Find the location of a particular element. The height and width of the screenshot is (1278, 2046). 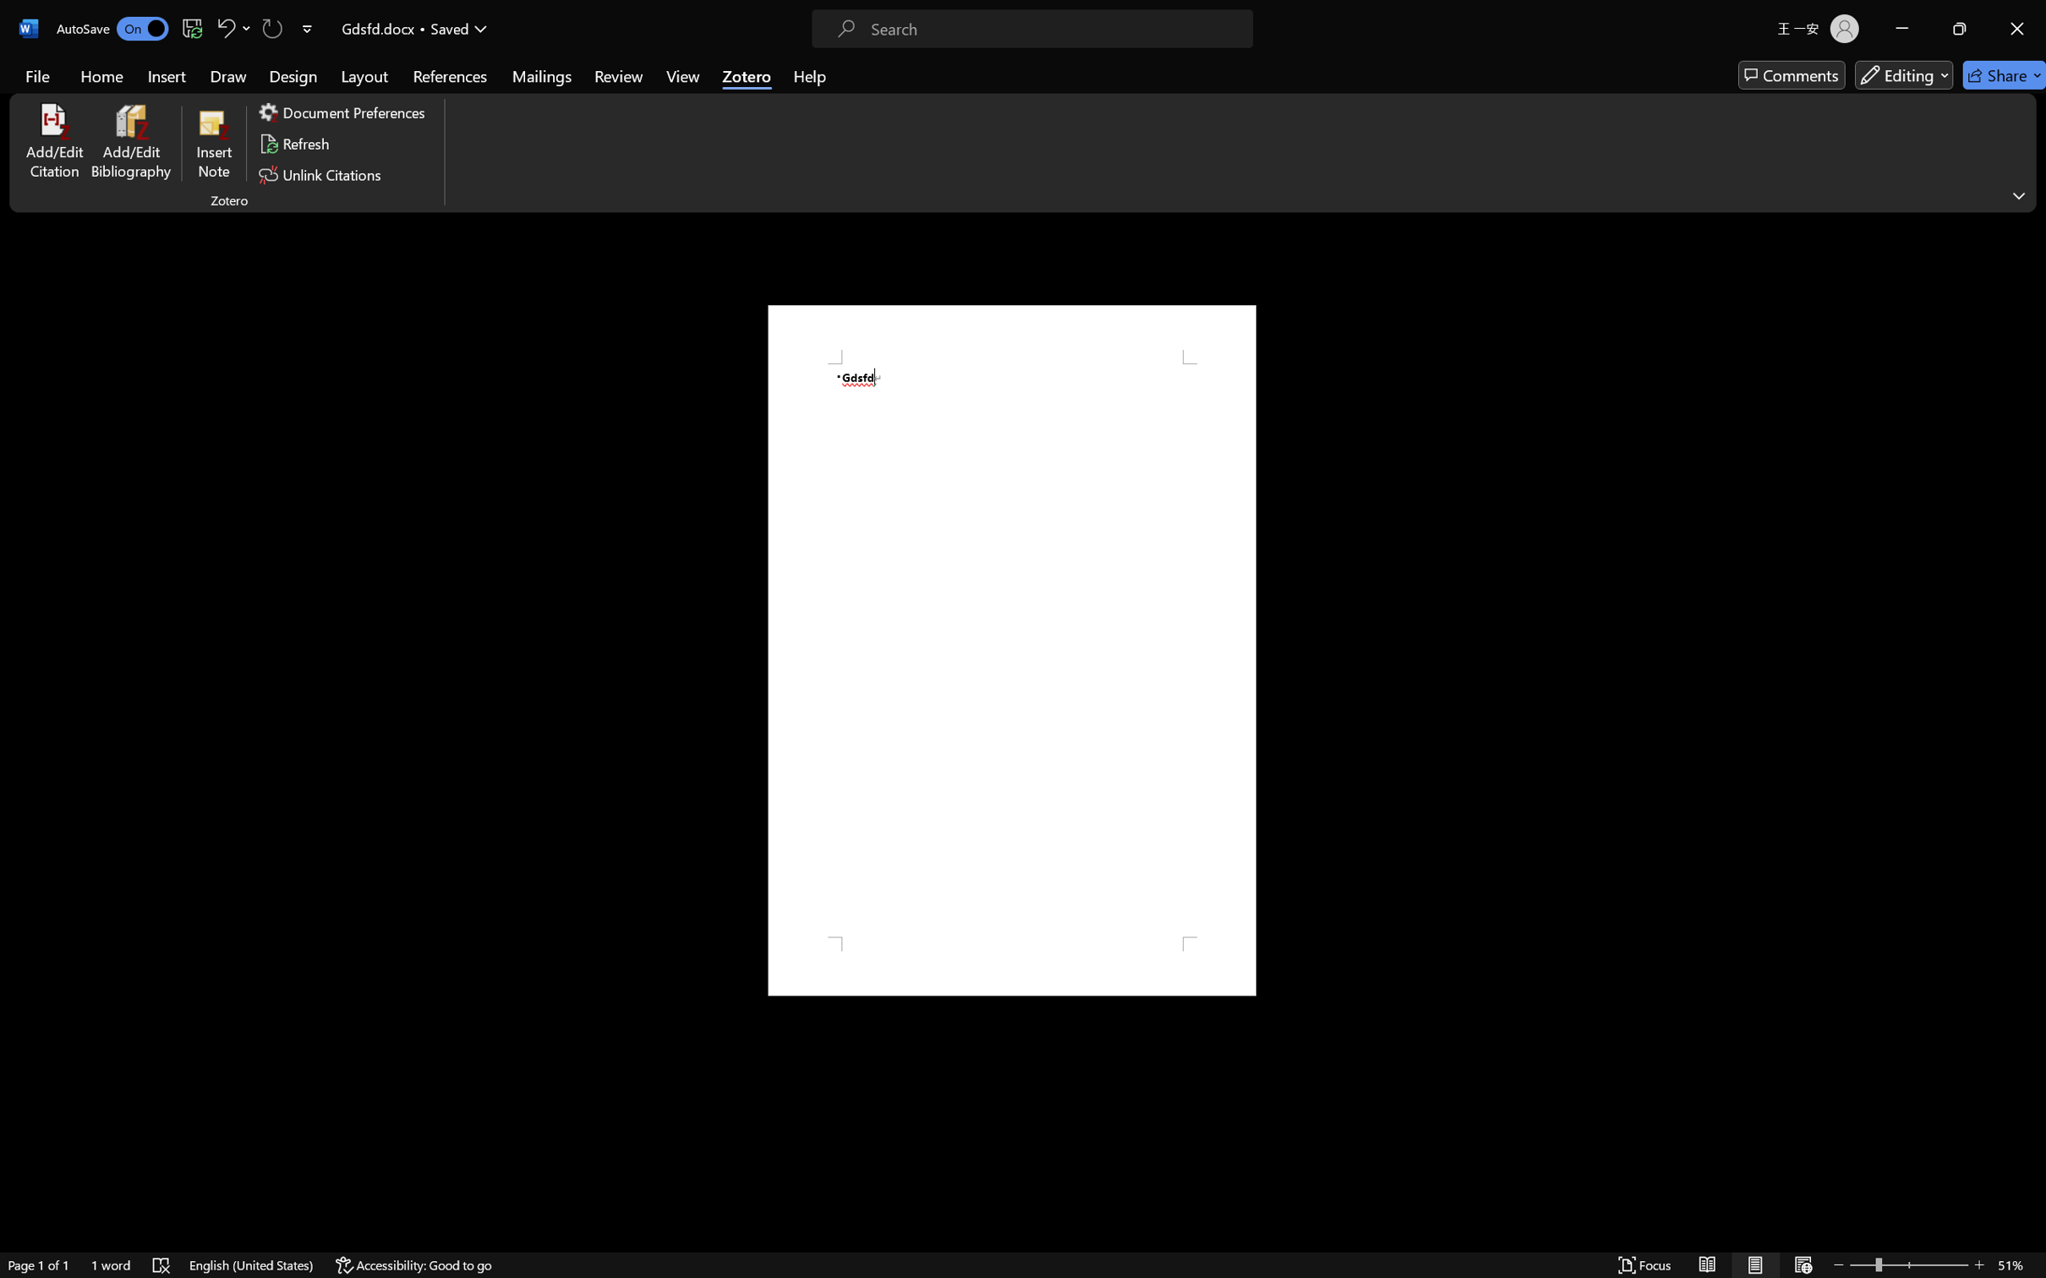

'Page 1 content' is located at coordinates (1011, 650).